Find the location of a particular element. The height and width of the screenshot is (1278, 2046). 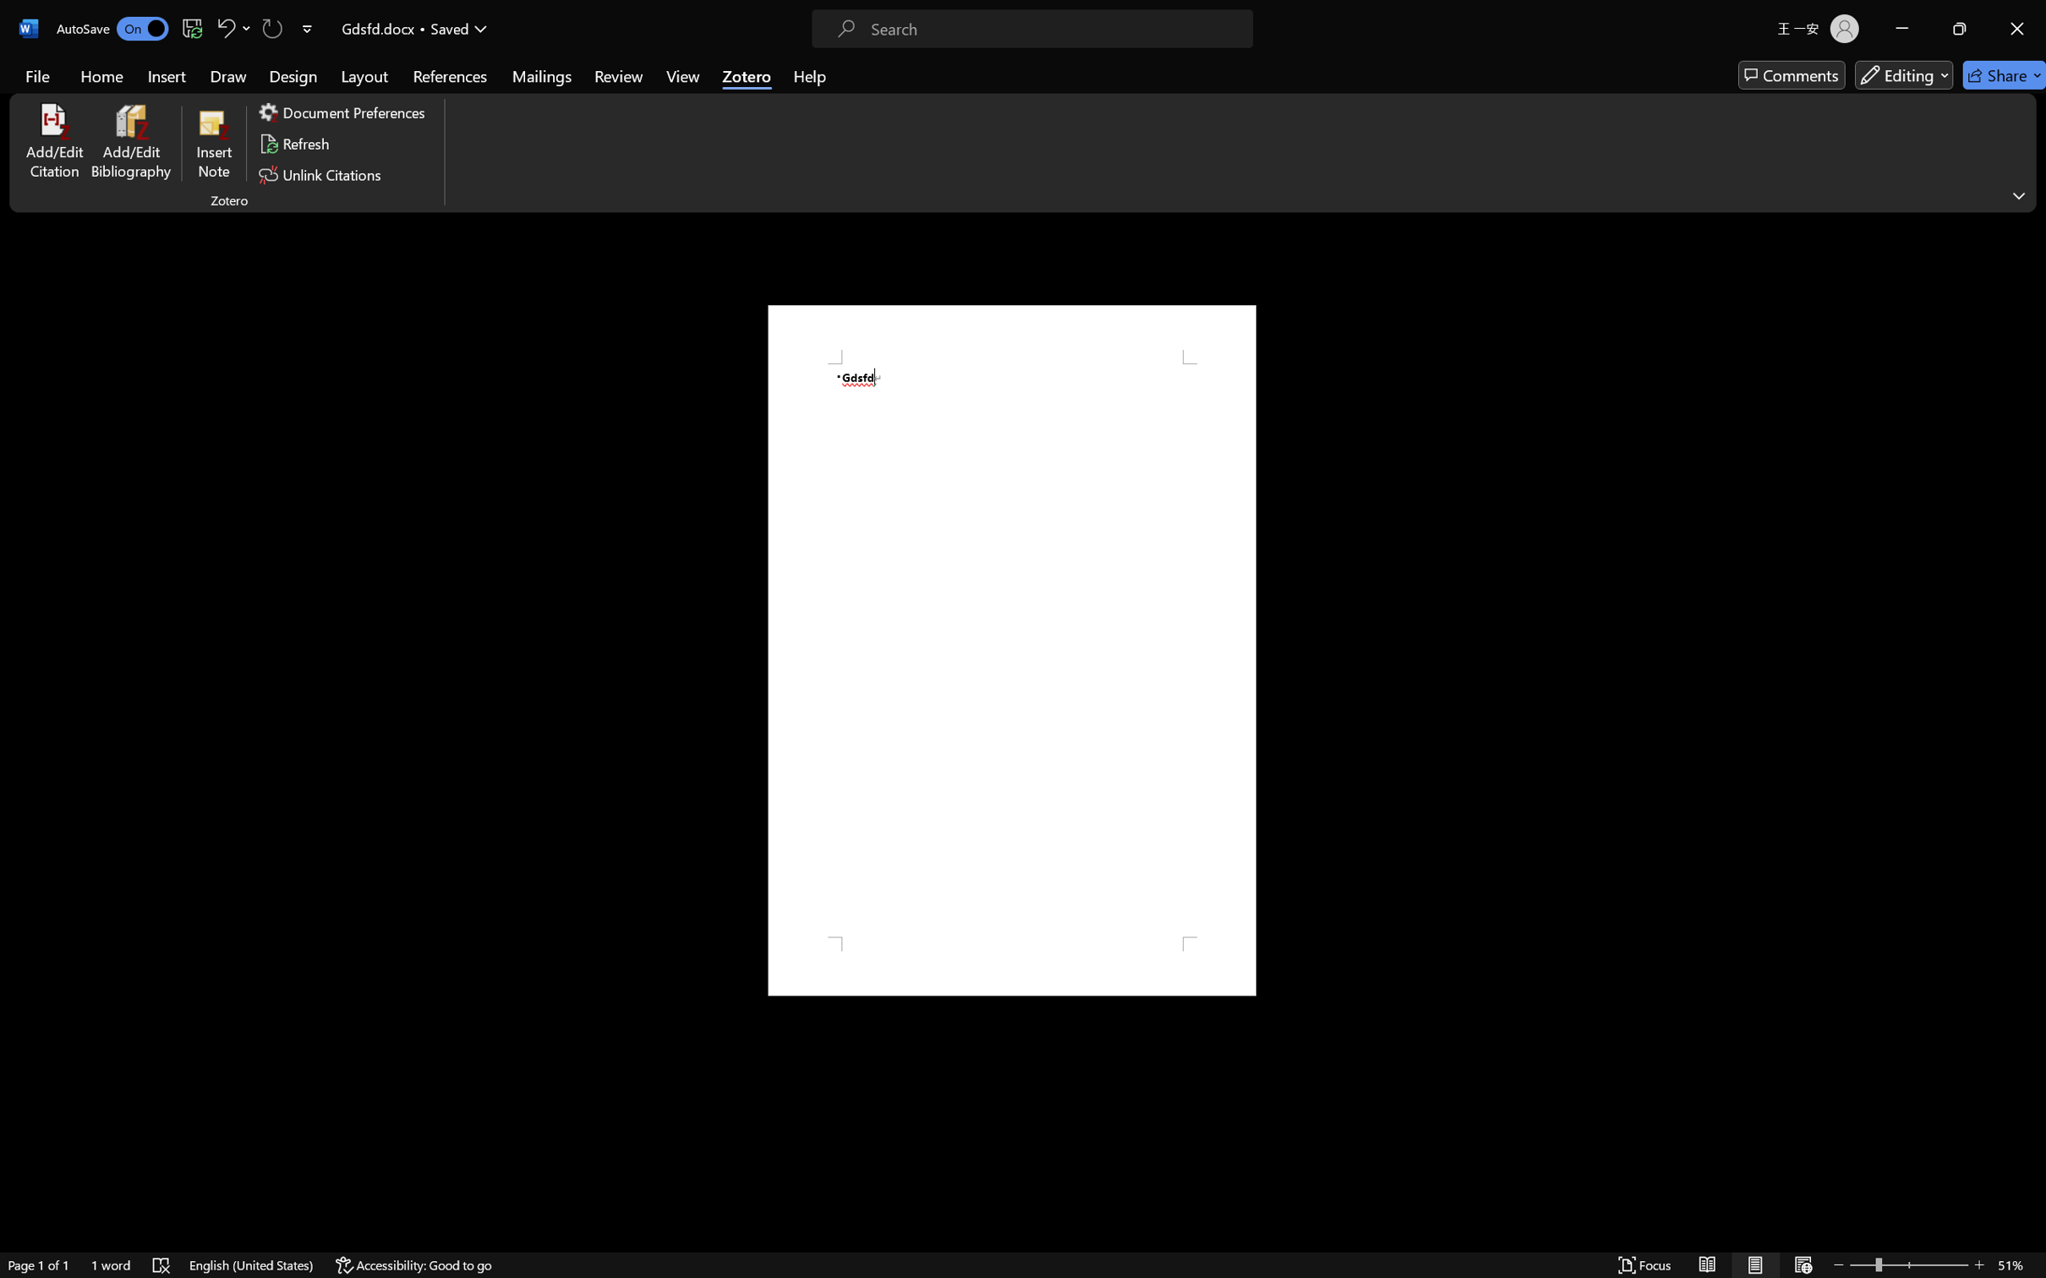

'Page 1 content' is located at coordinates (1011, 650).